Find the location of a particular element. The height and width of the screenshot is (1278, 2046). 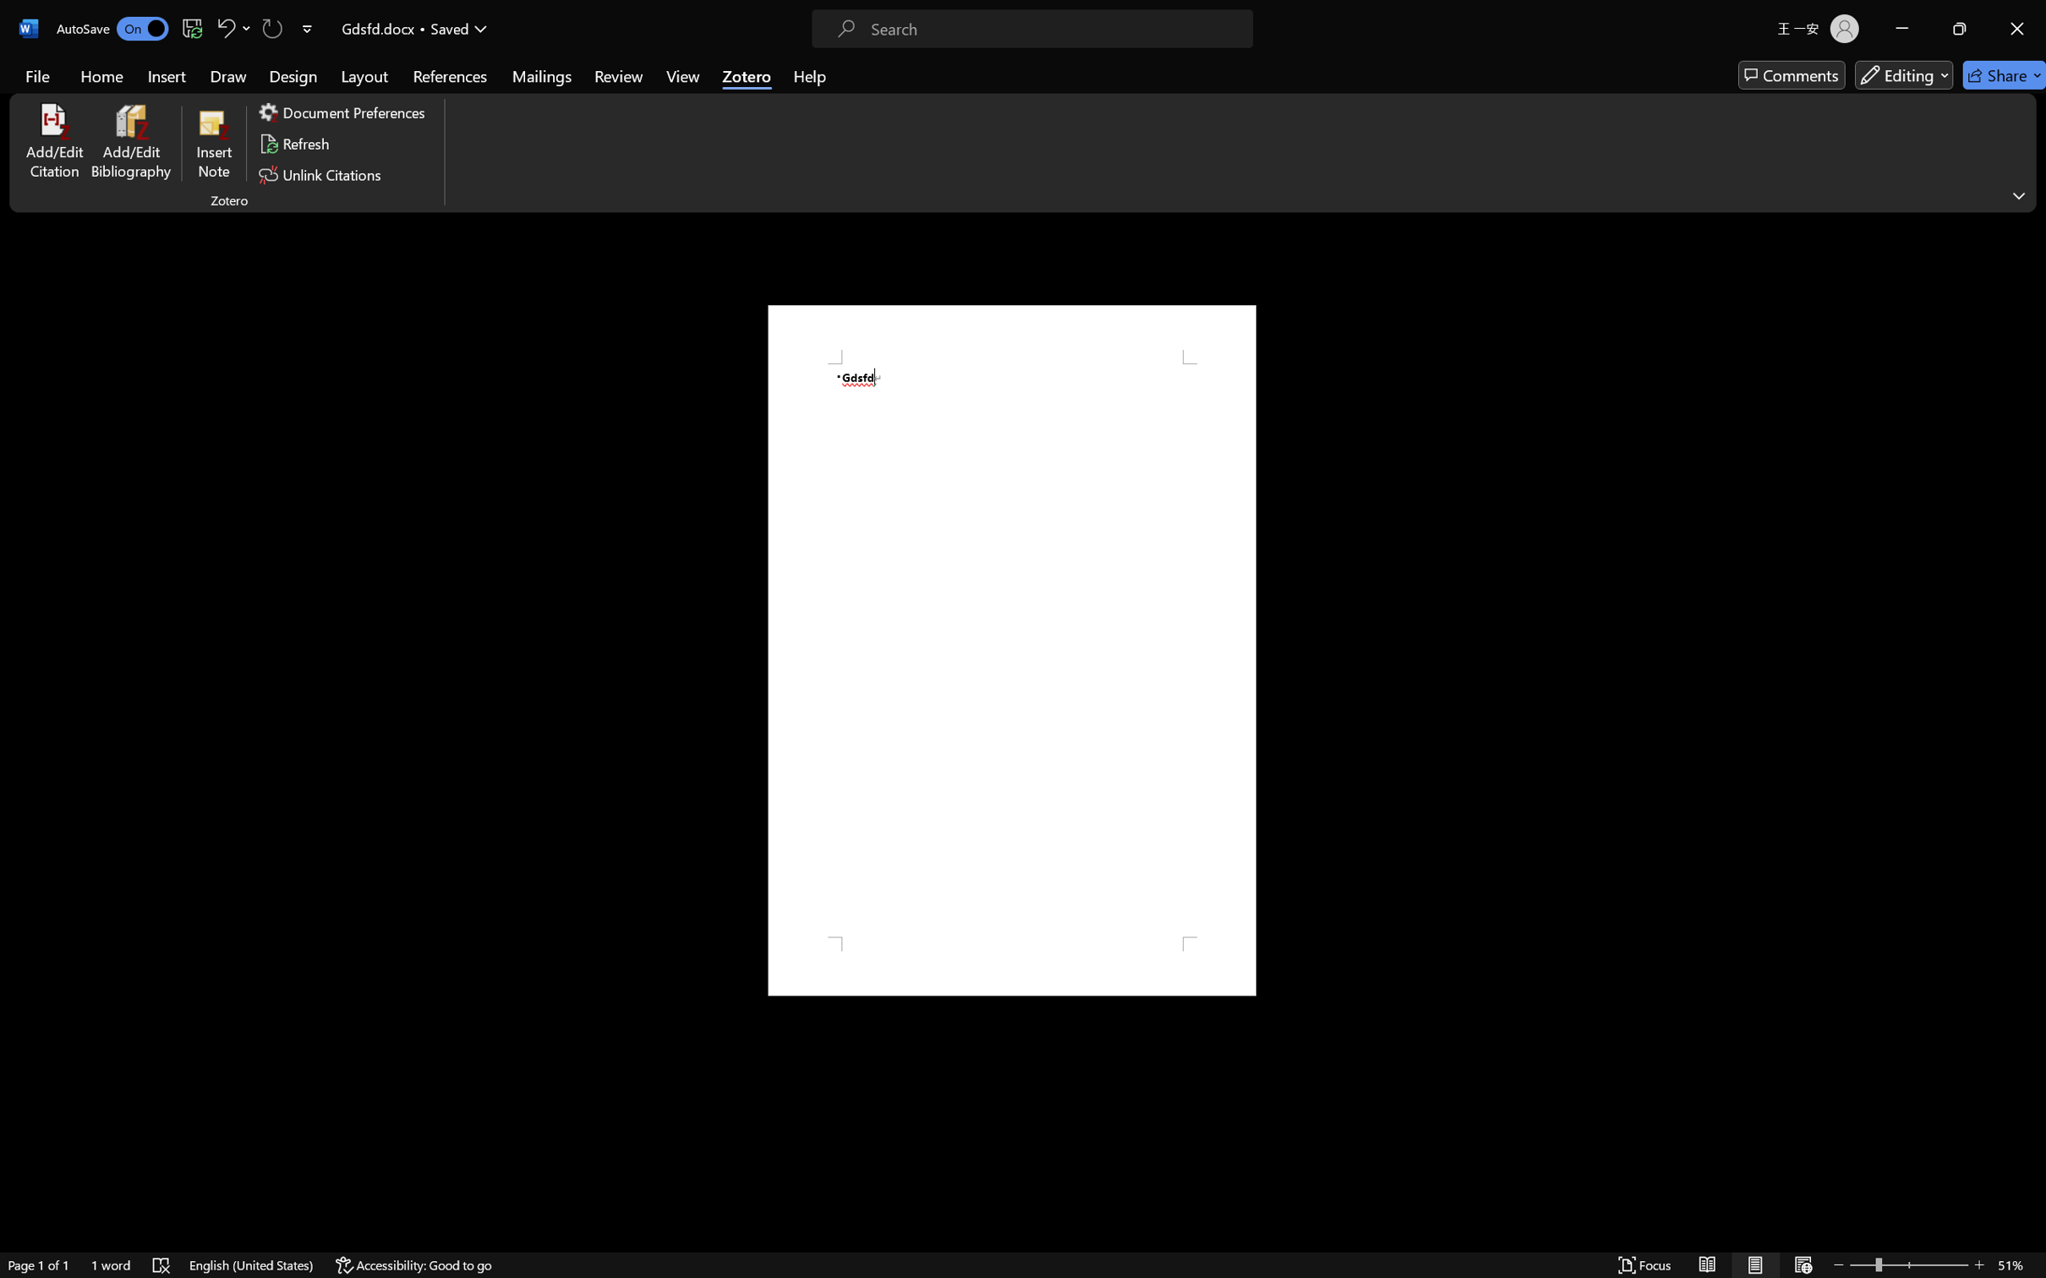

'Page 1 content' is located at coordinates (1011, 650).